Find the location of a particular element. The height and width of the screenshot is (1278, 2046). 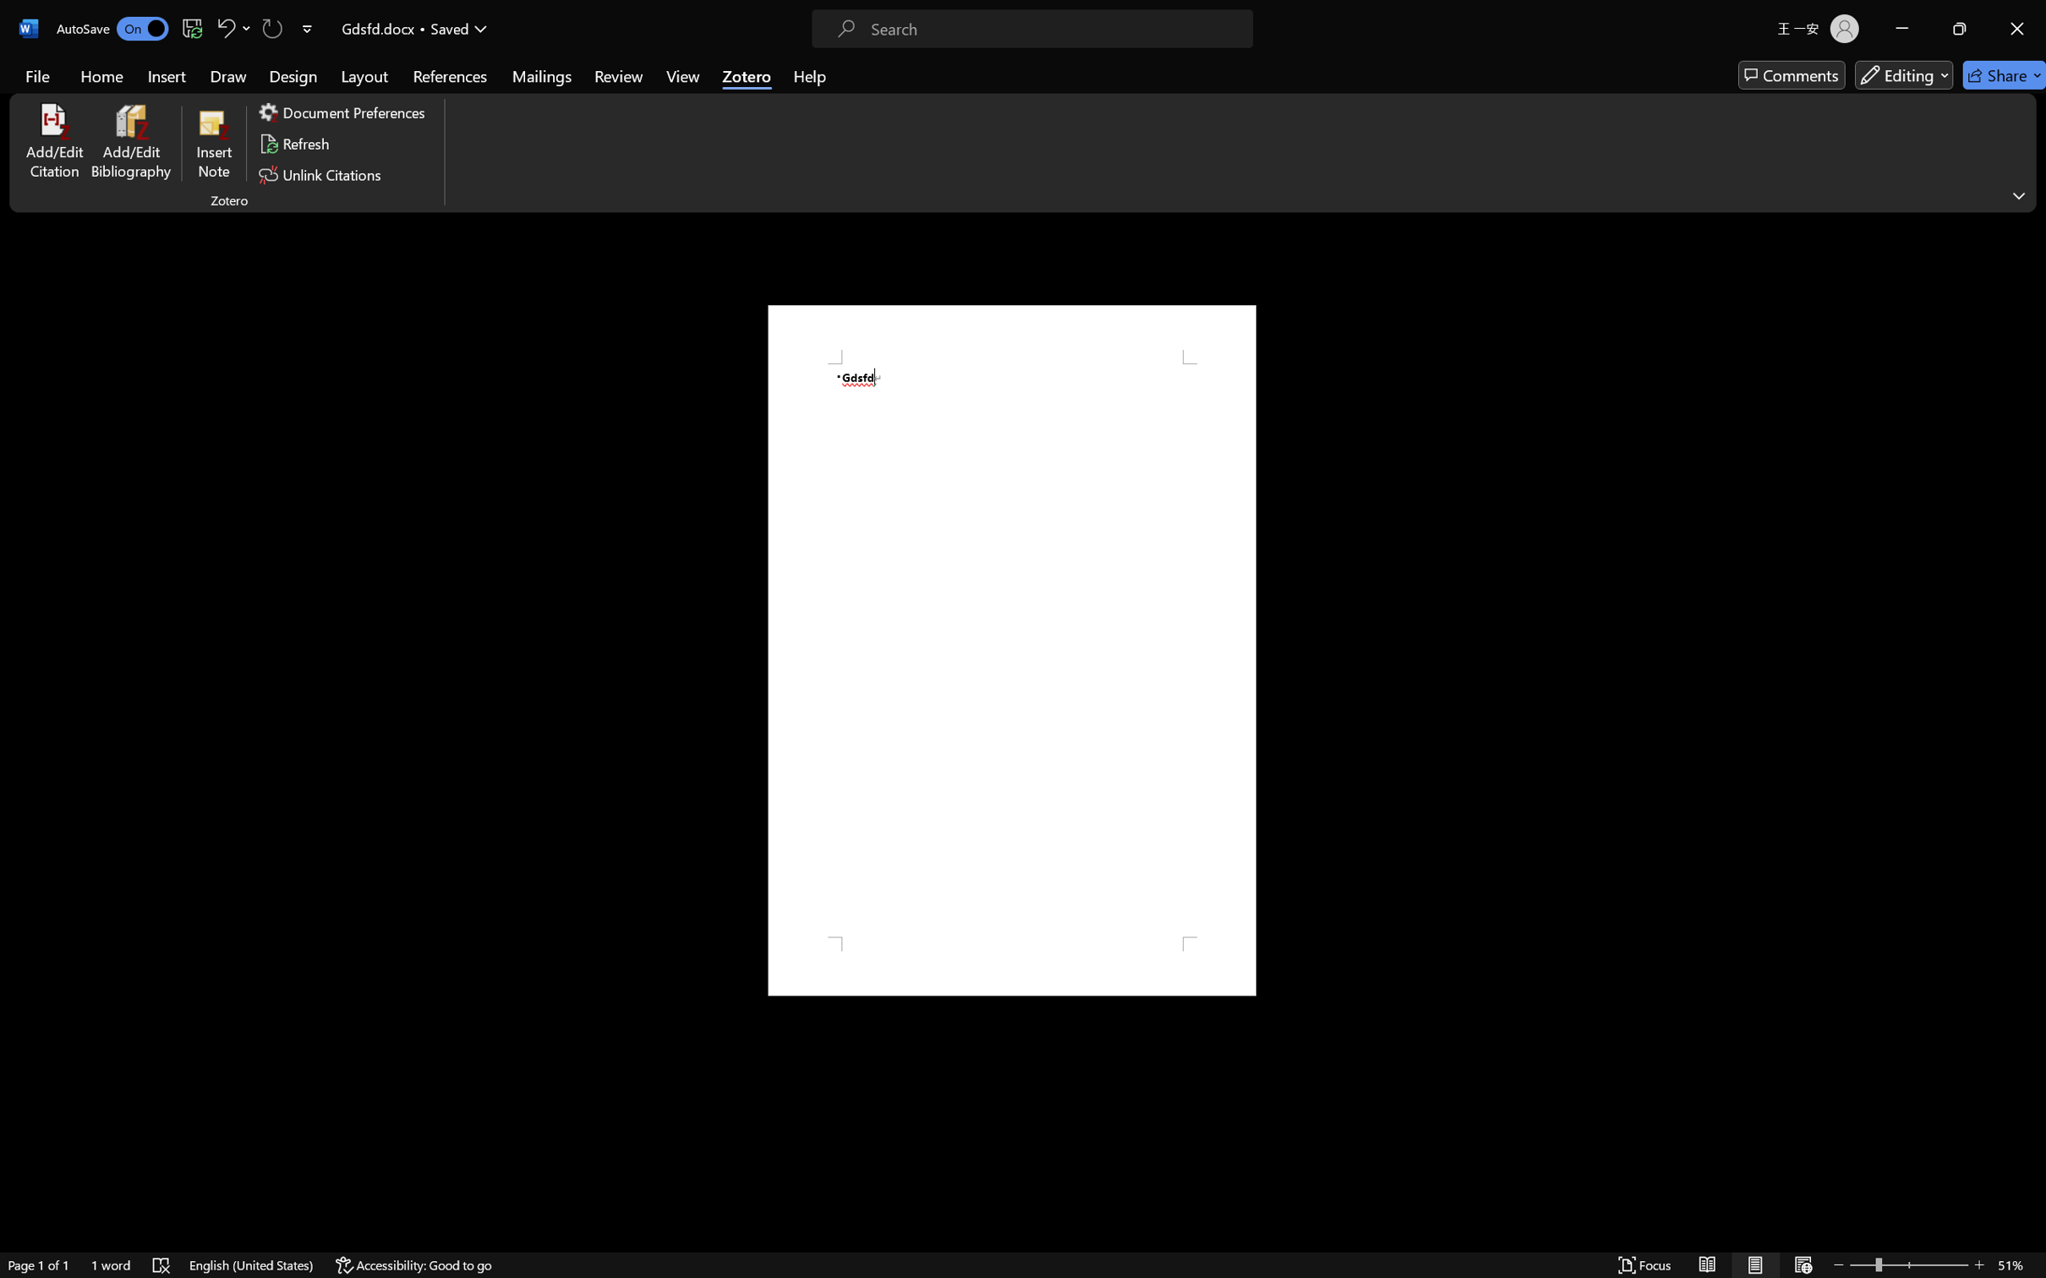

'Page 1 content' is located at coordinates (1011, 650).